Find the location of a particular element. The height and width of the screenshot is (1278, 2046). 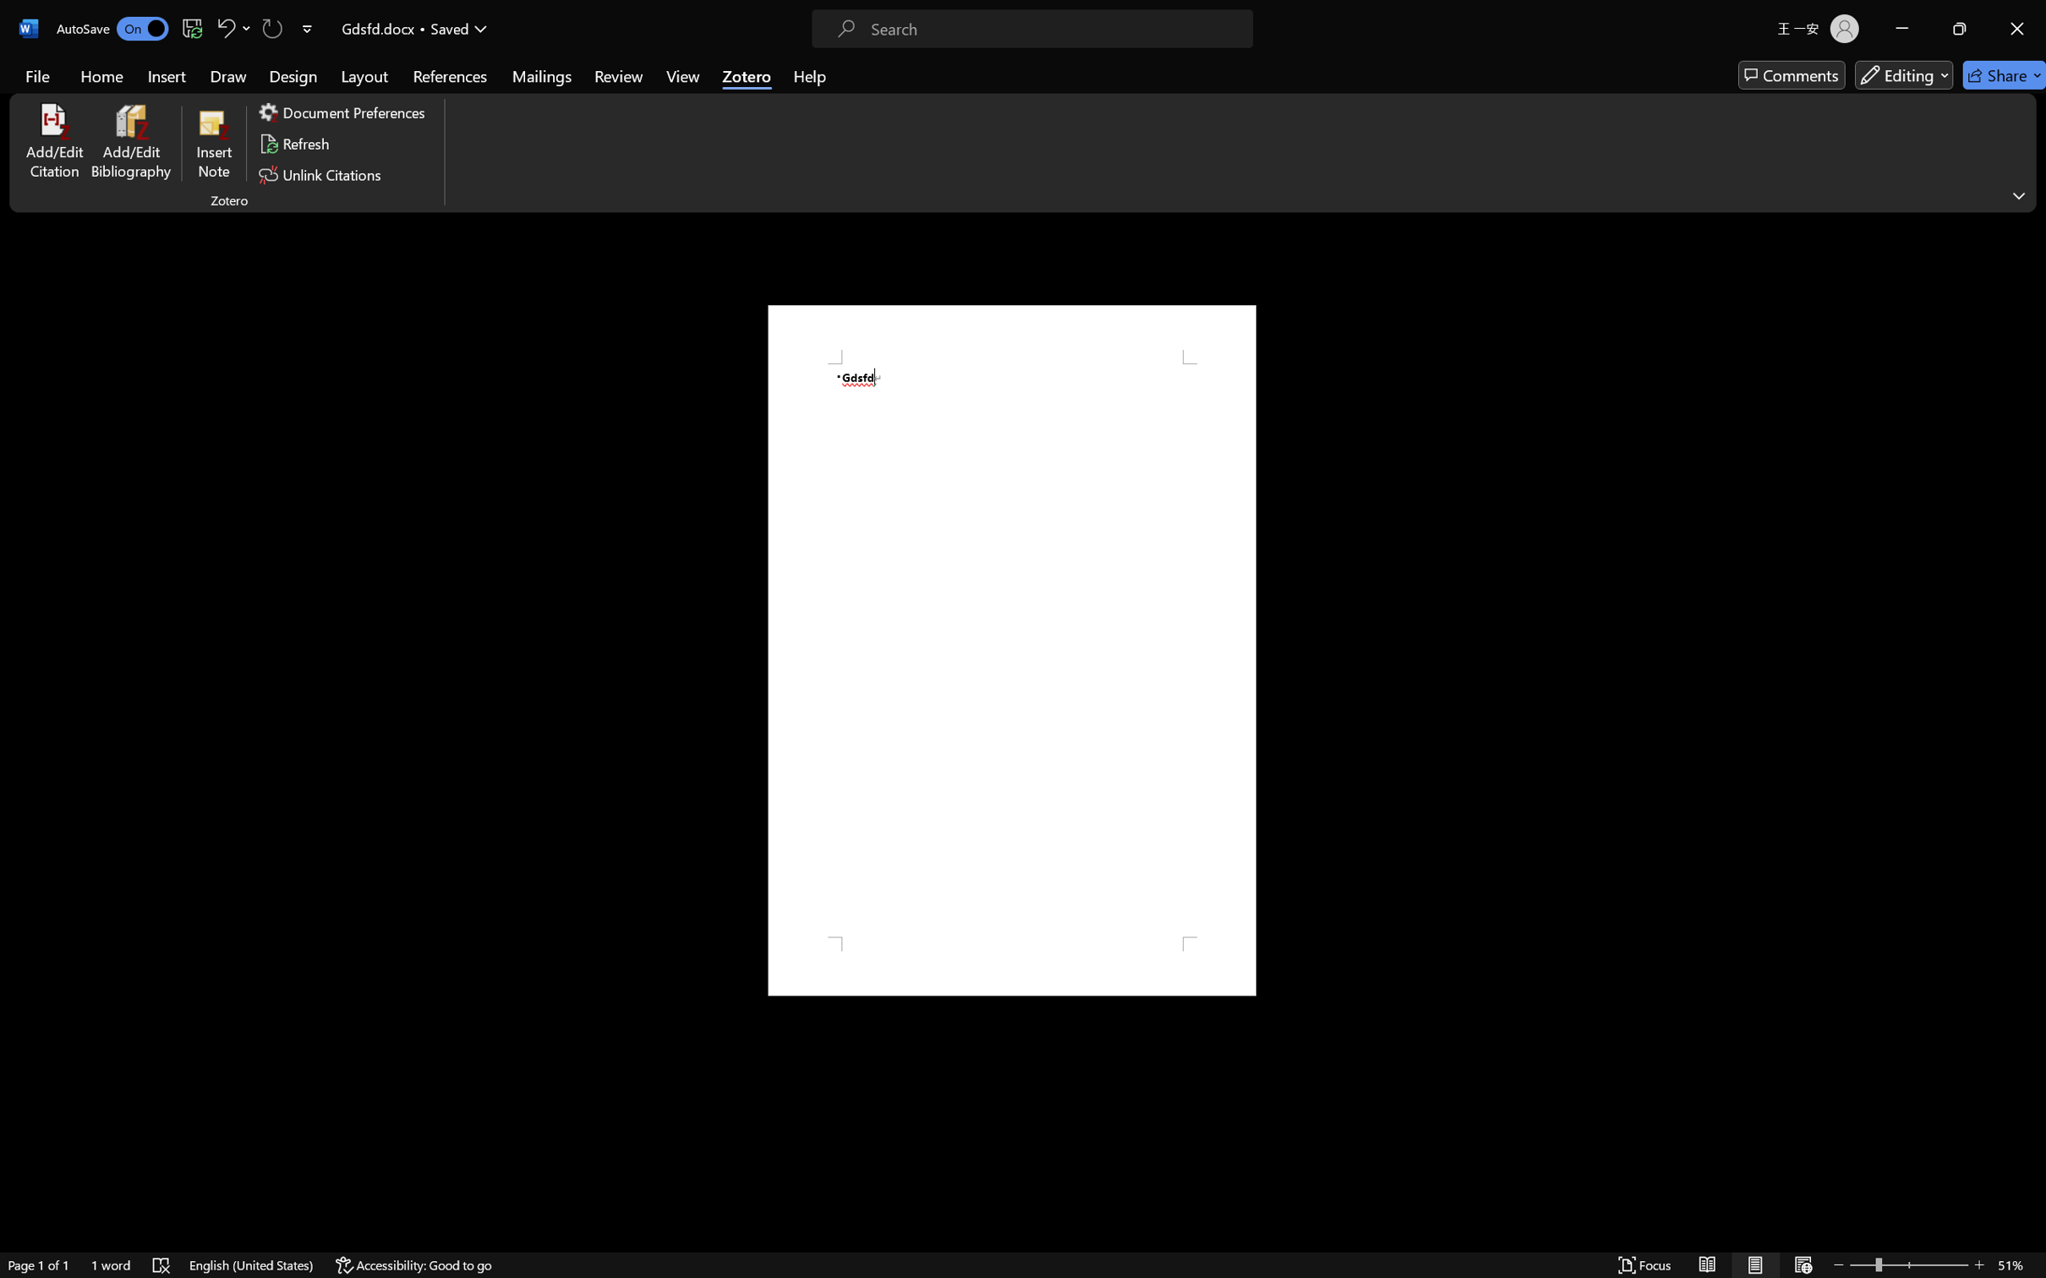

'Page 1 content' is located at coordinates (1011, 650).